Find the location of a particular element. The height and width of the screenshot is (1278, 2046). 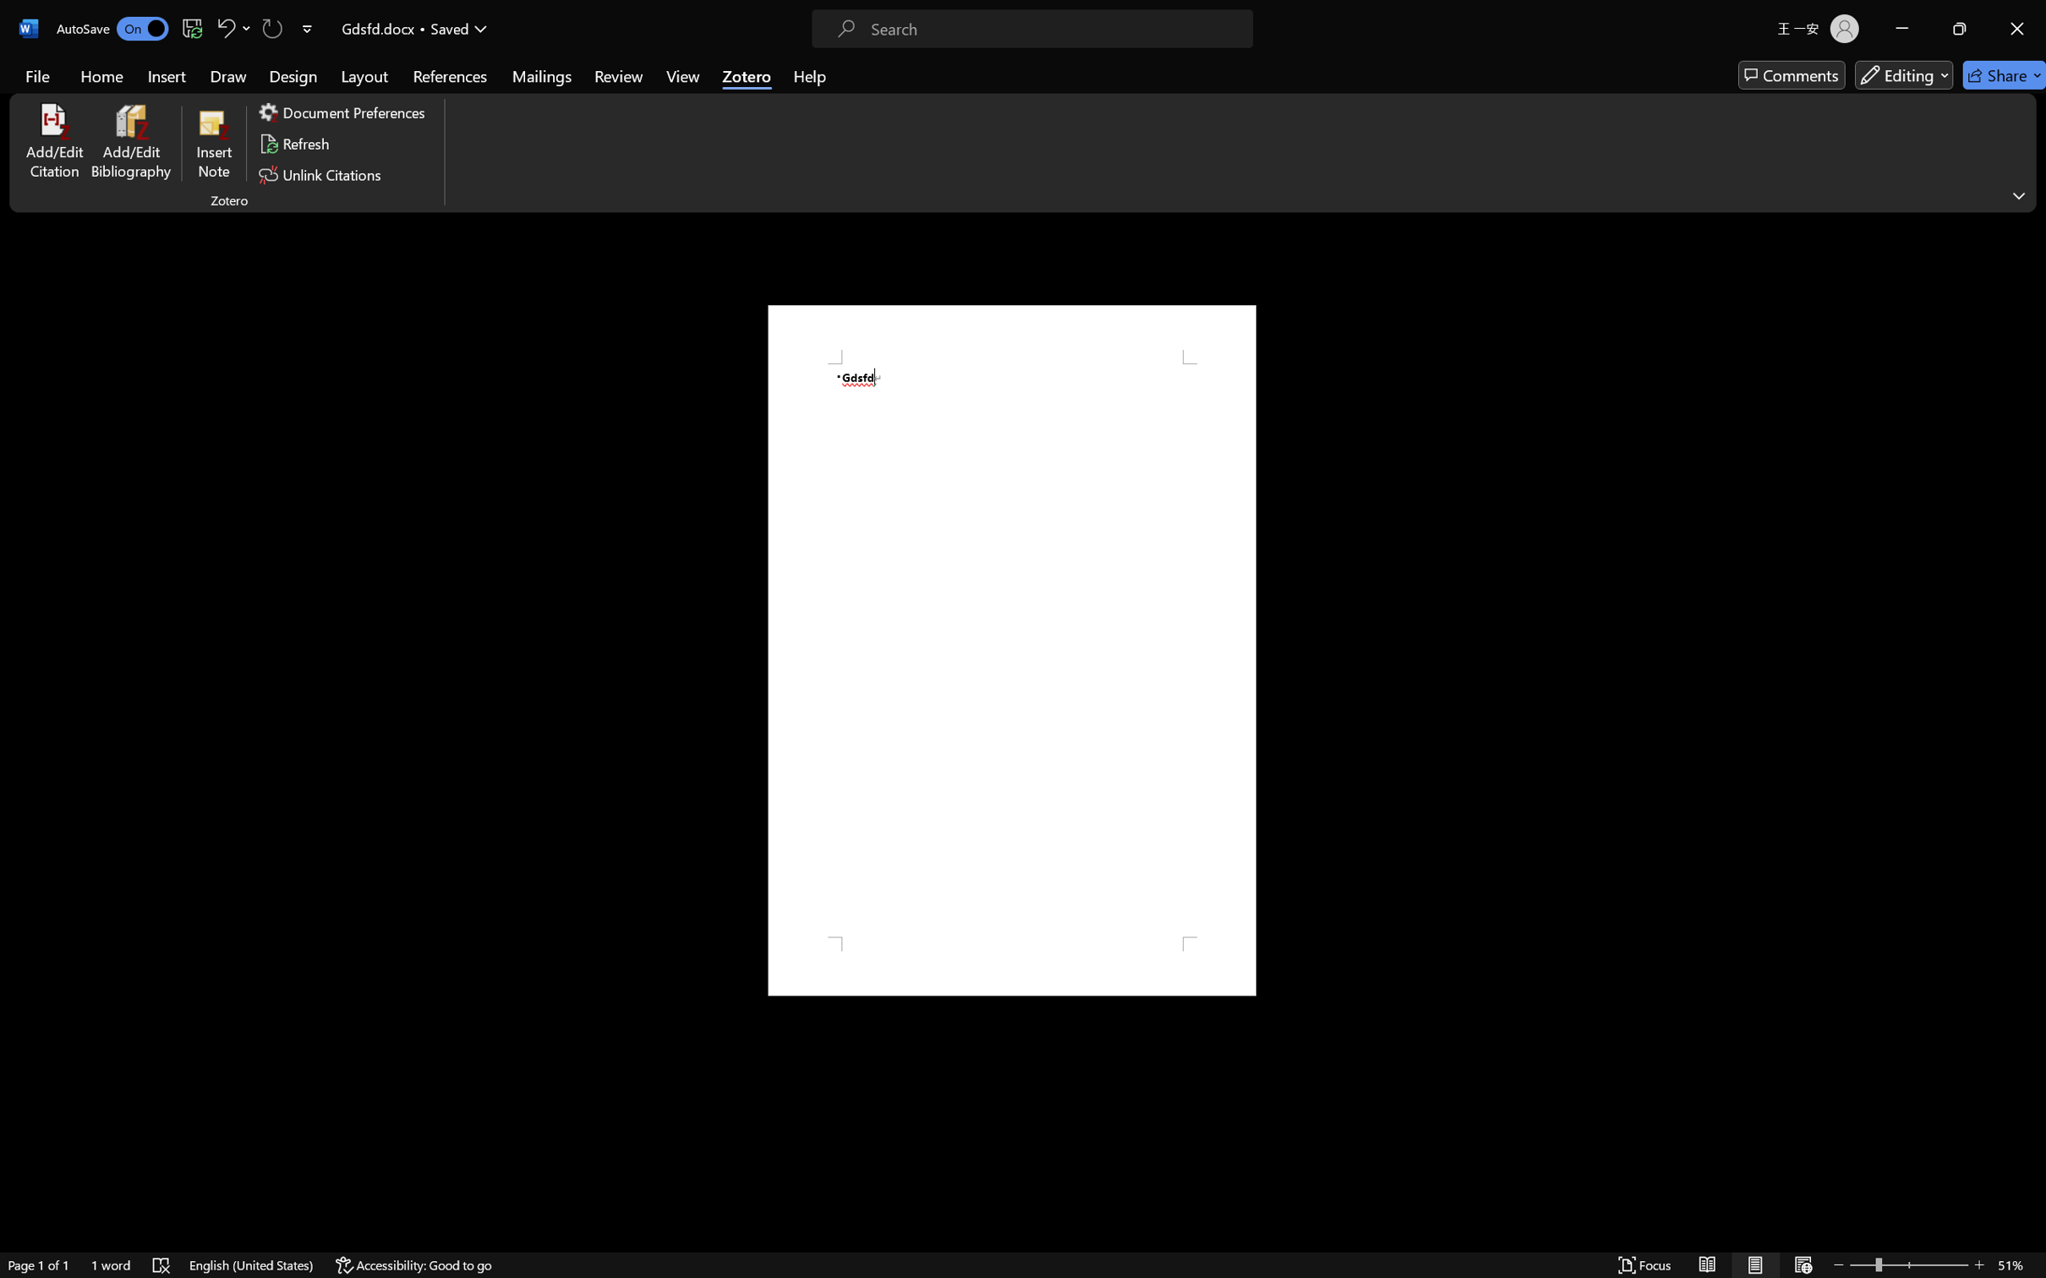

'Page 1 content' is located at coordinates (1011, 650).